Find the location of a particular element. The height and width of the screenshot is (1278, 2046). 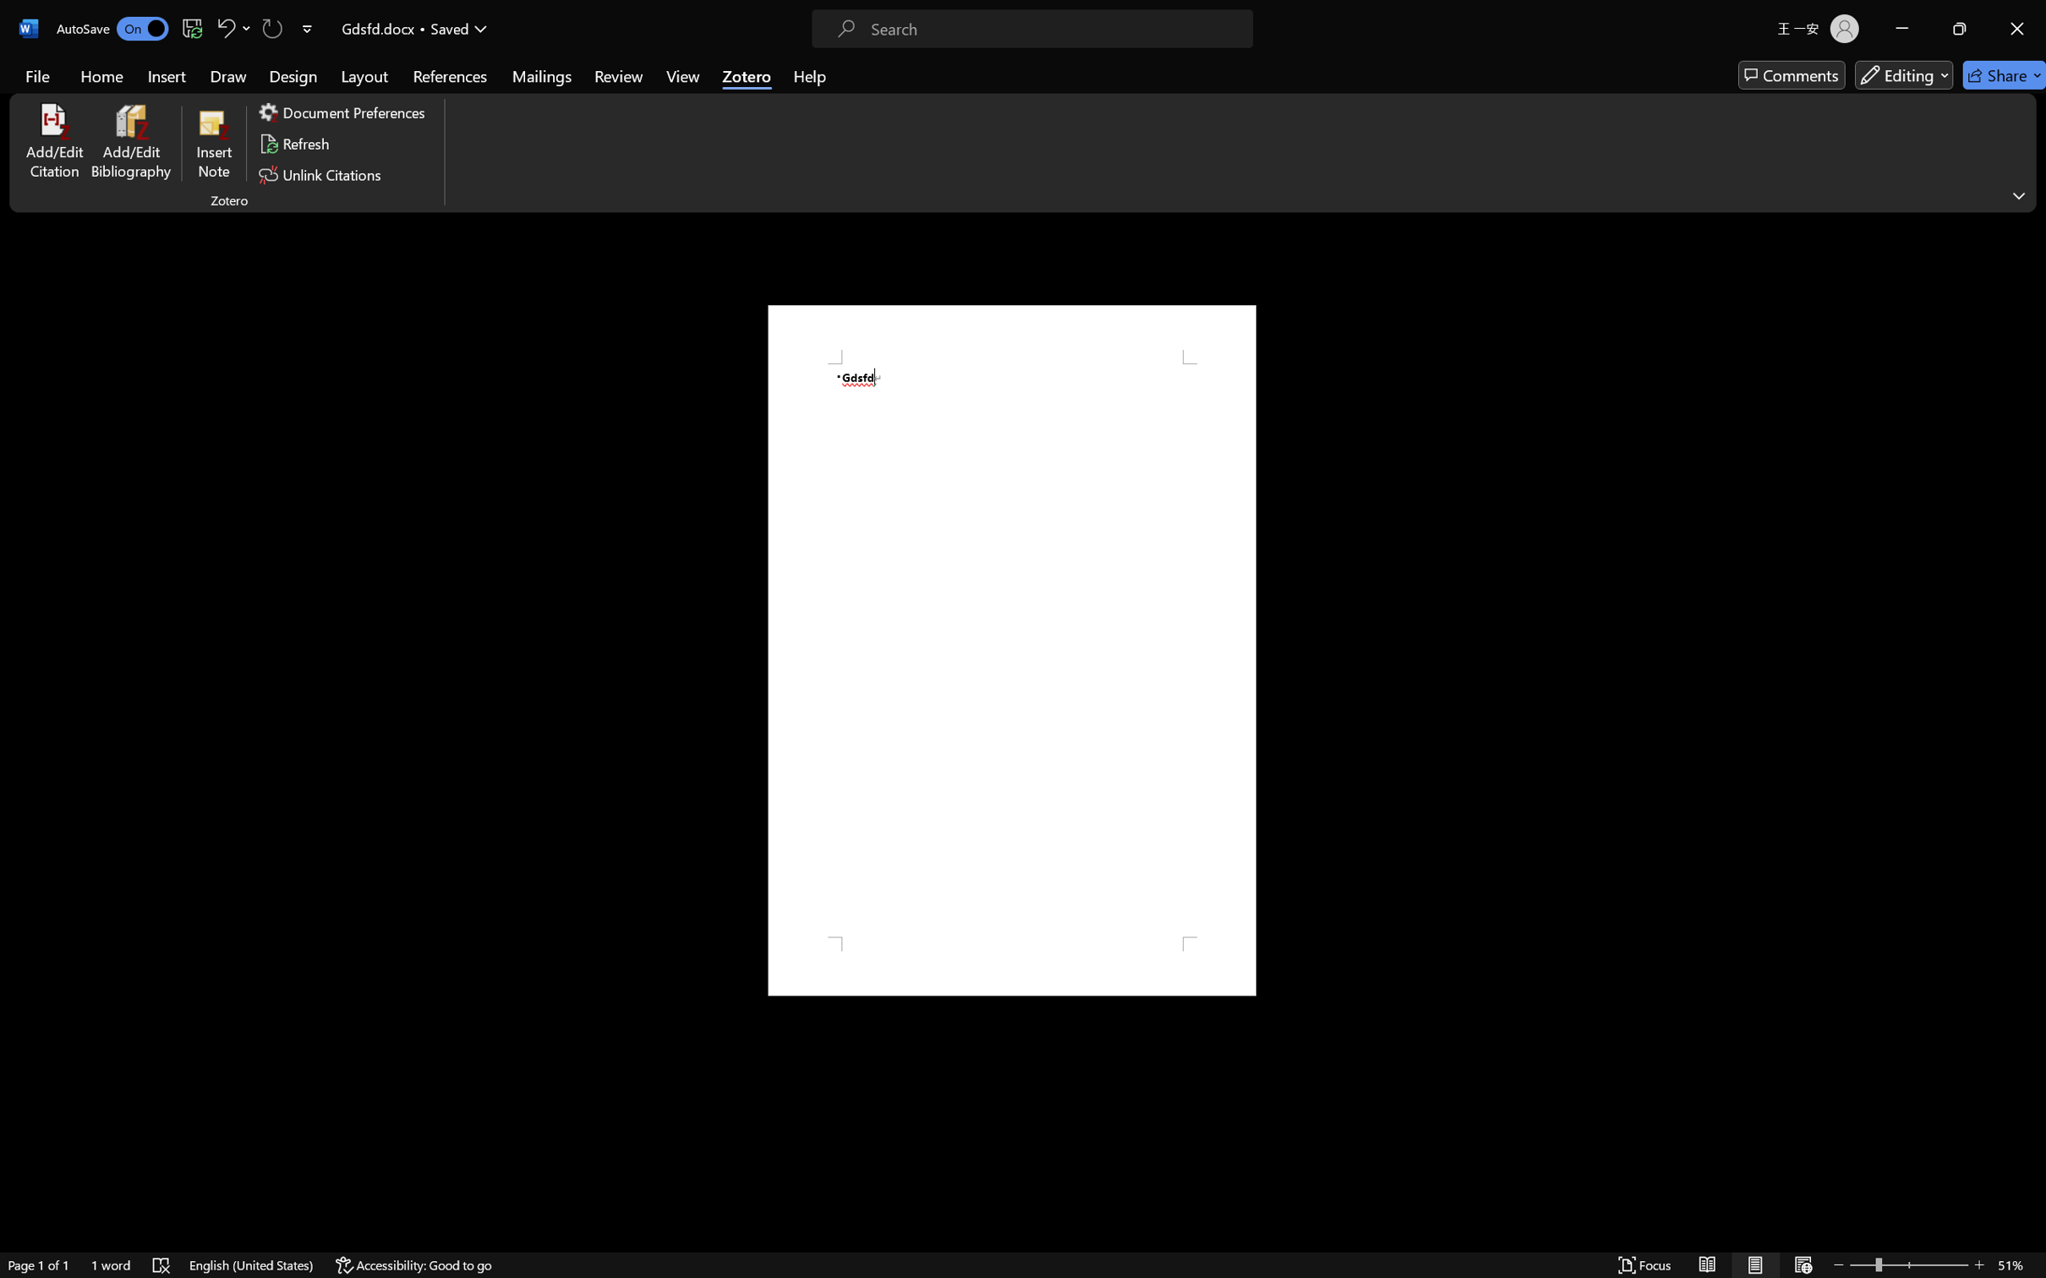

'Page 1 content' is located at coordinates (1011, 650).